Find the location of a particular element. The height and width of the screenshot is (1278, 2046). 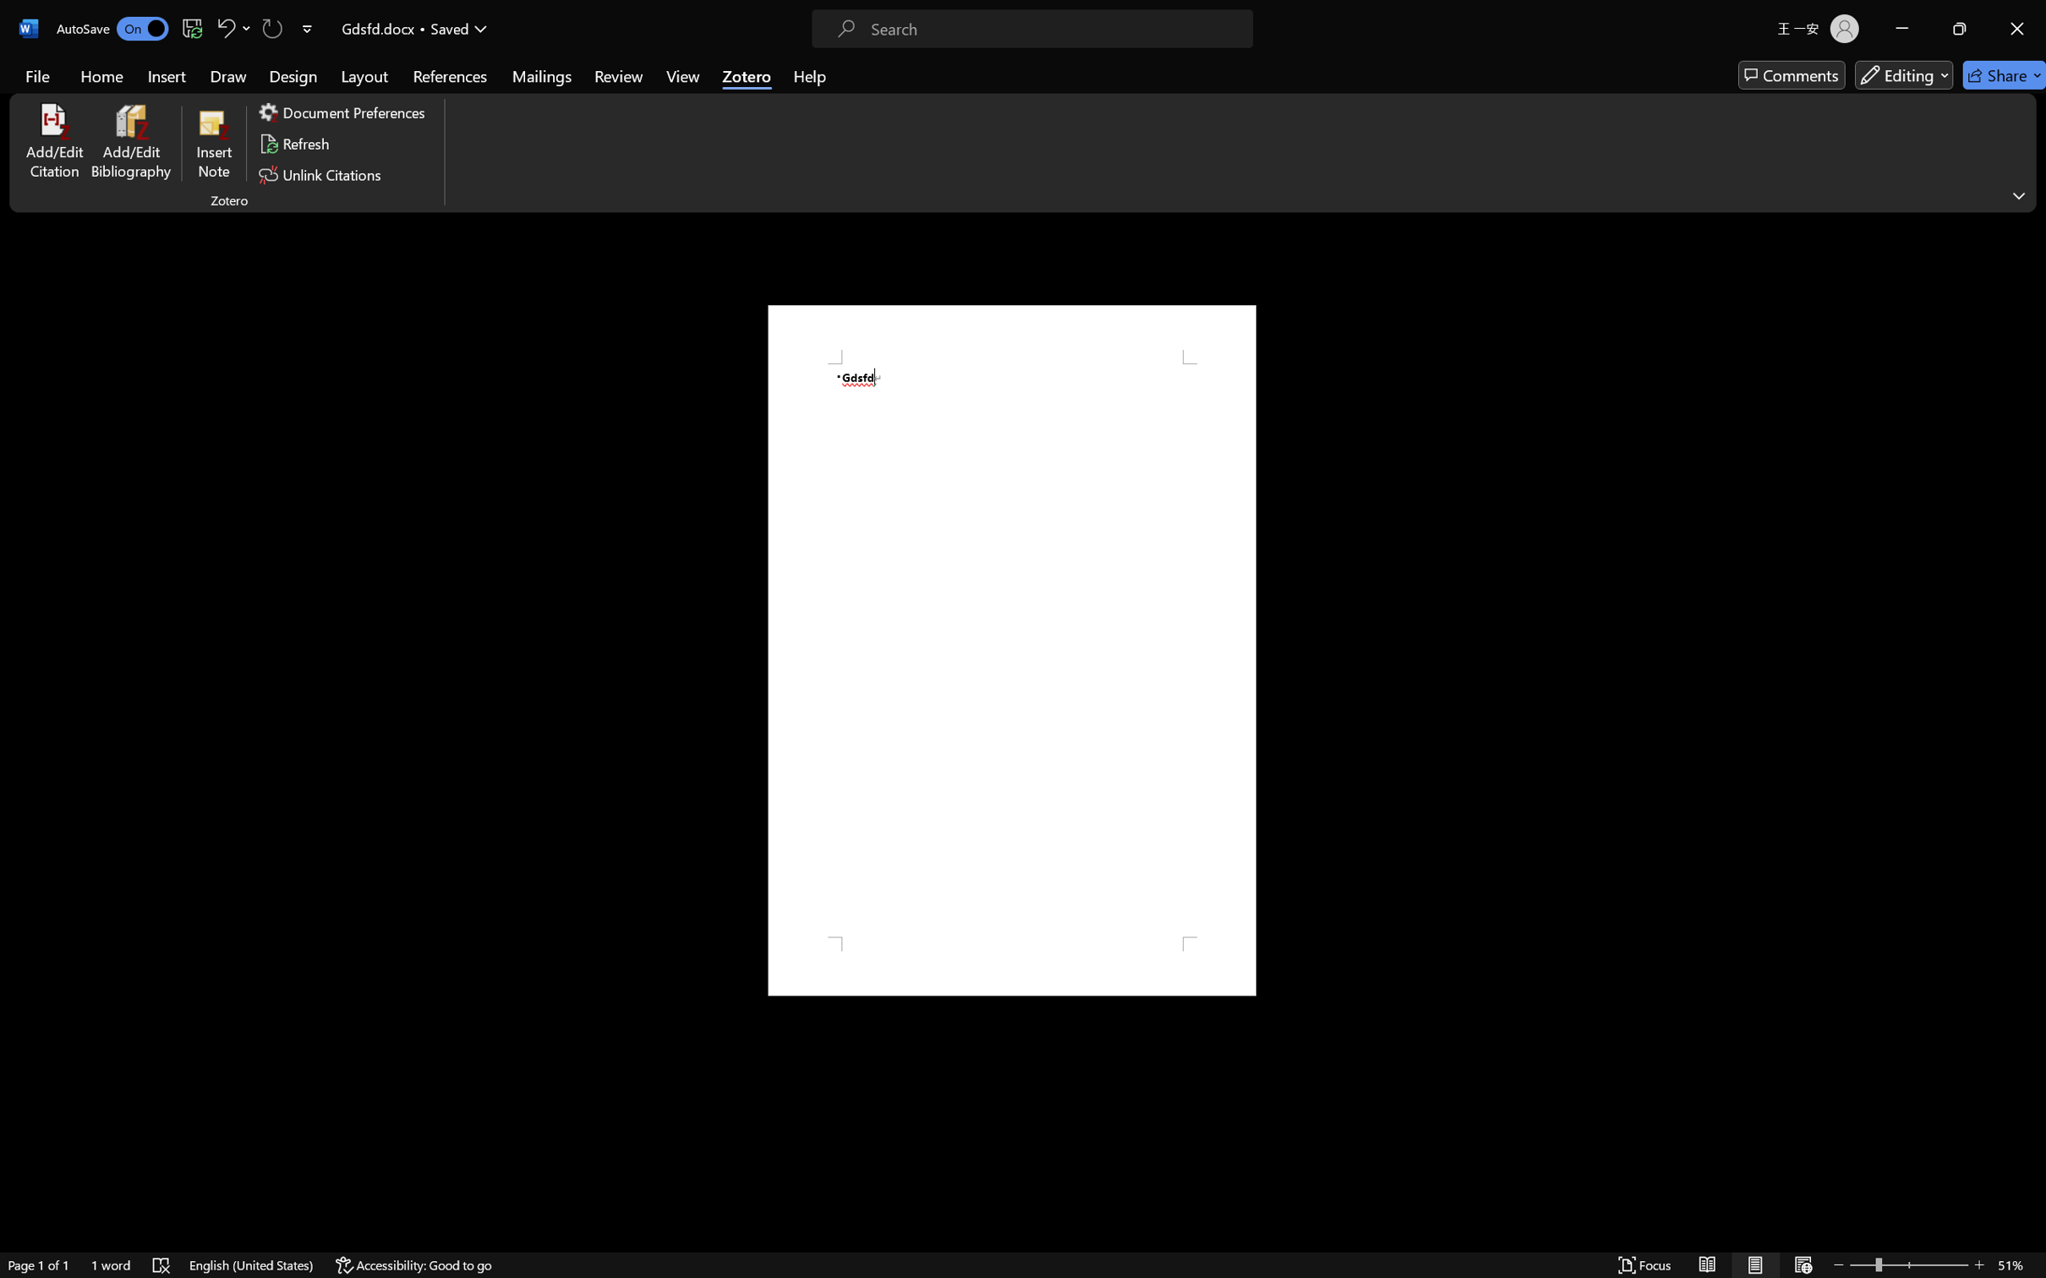

'Page 1 content' is located at coordinates (1011, 650).